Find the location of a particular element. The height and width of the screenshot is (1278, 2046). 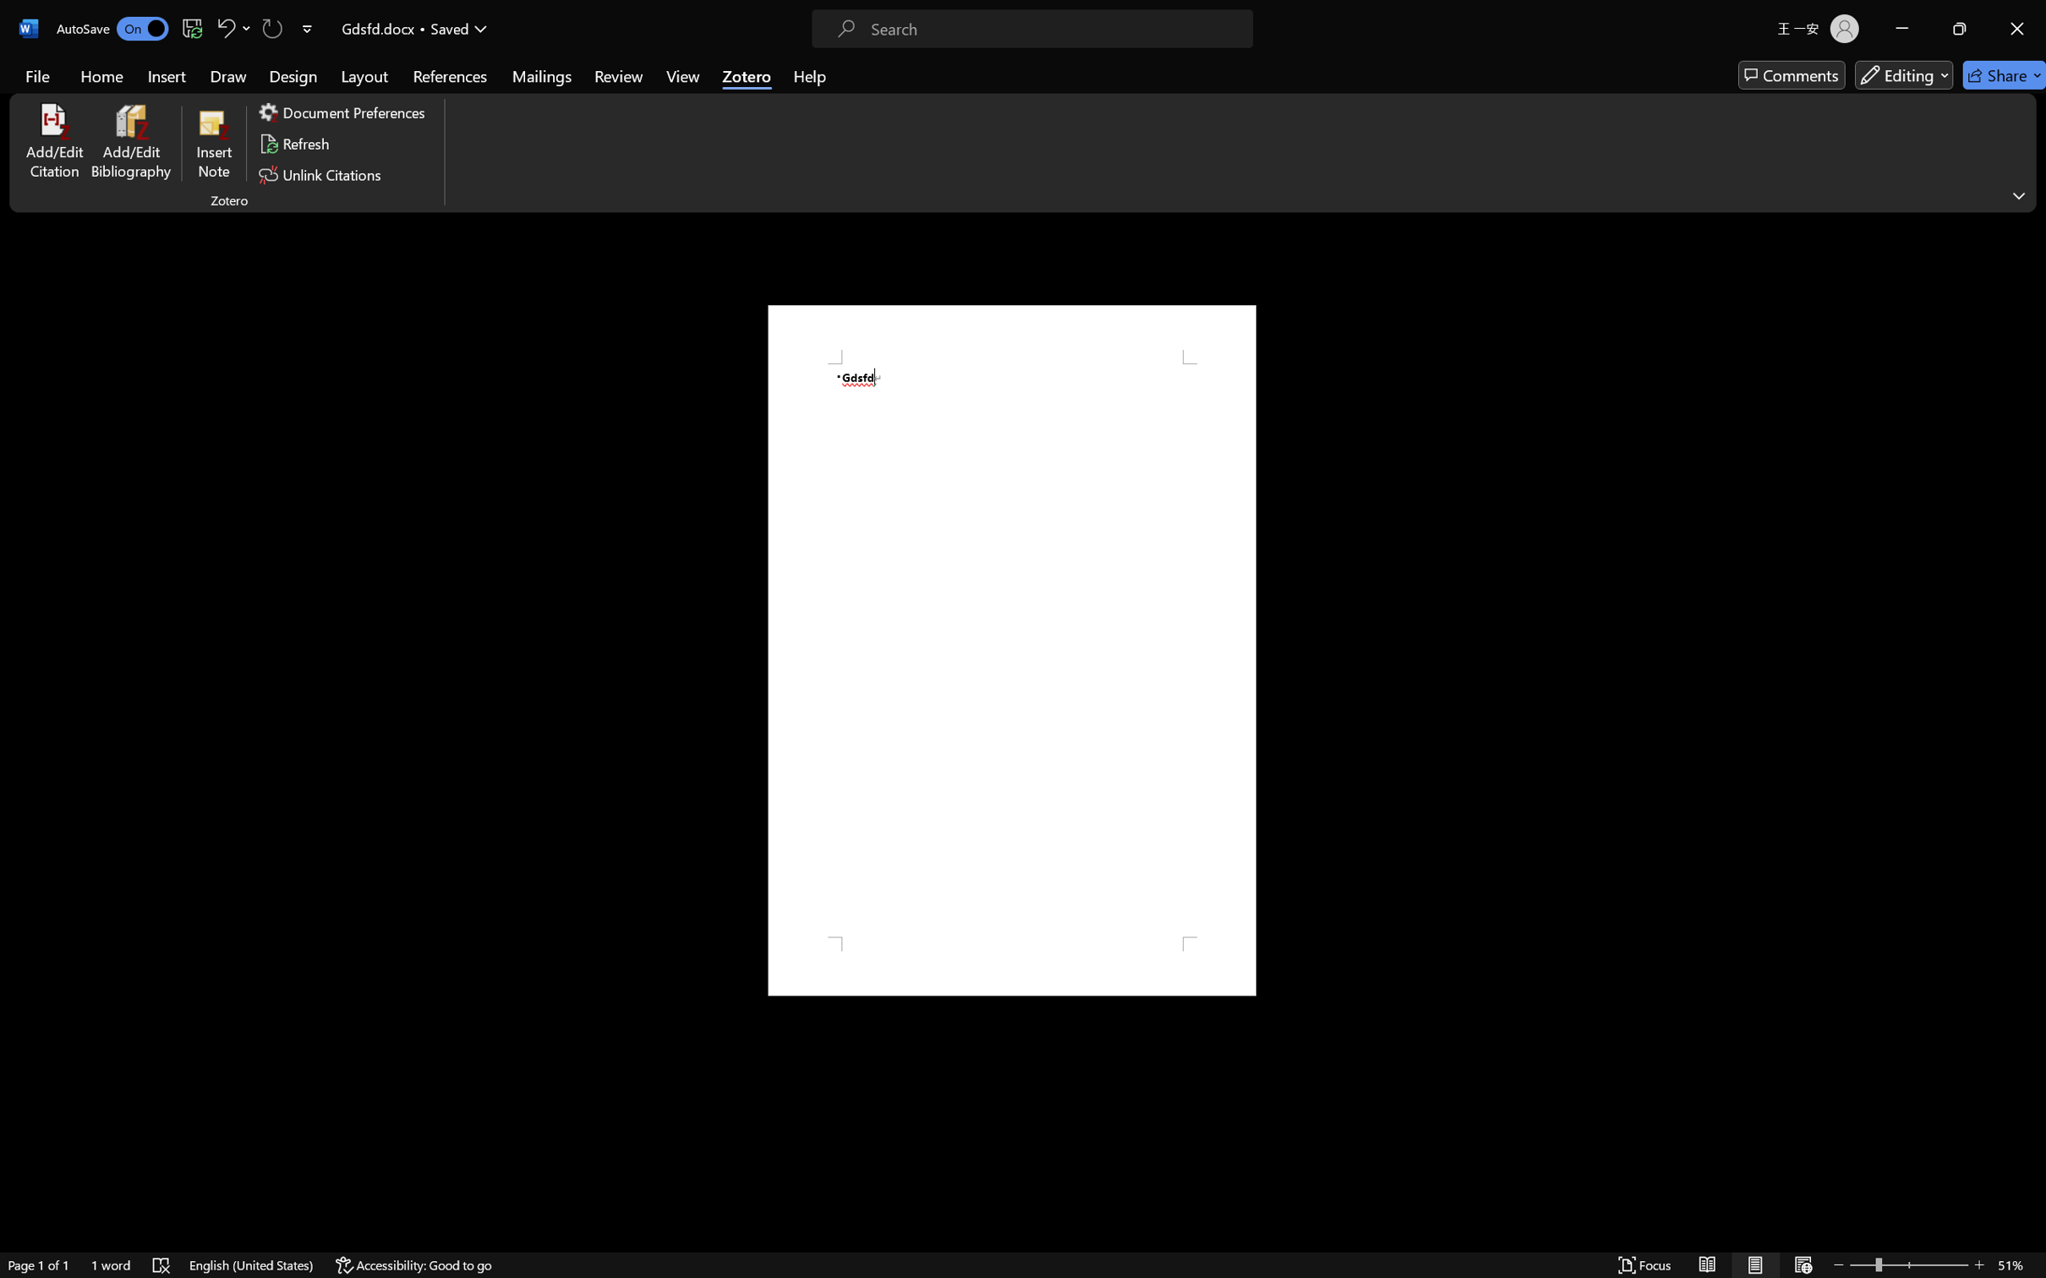

'Page 1 content' is located at coordinates (1011, 650).